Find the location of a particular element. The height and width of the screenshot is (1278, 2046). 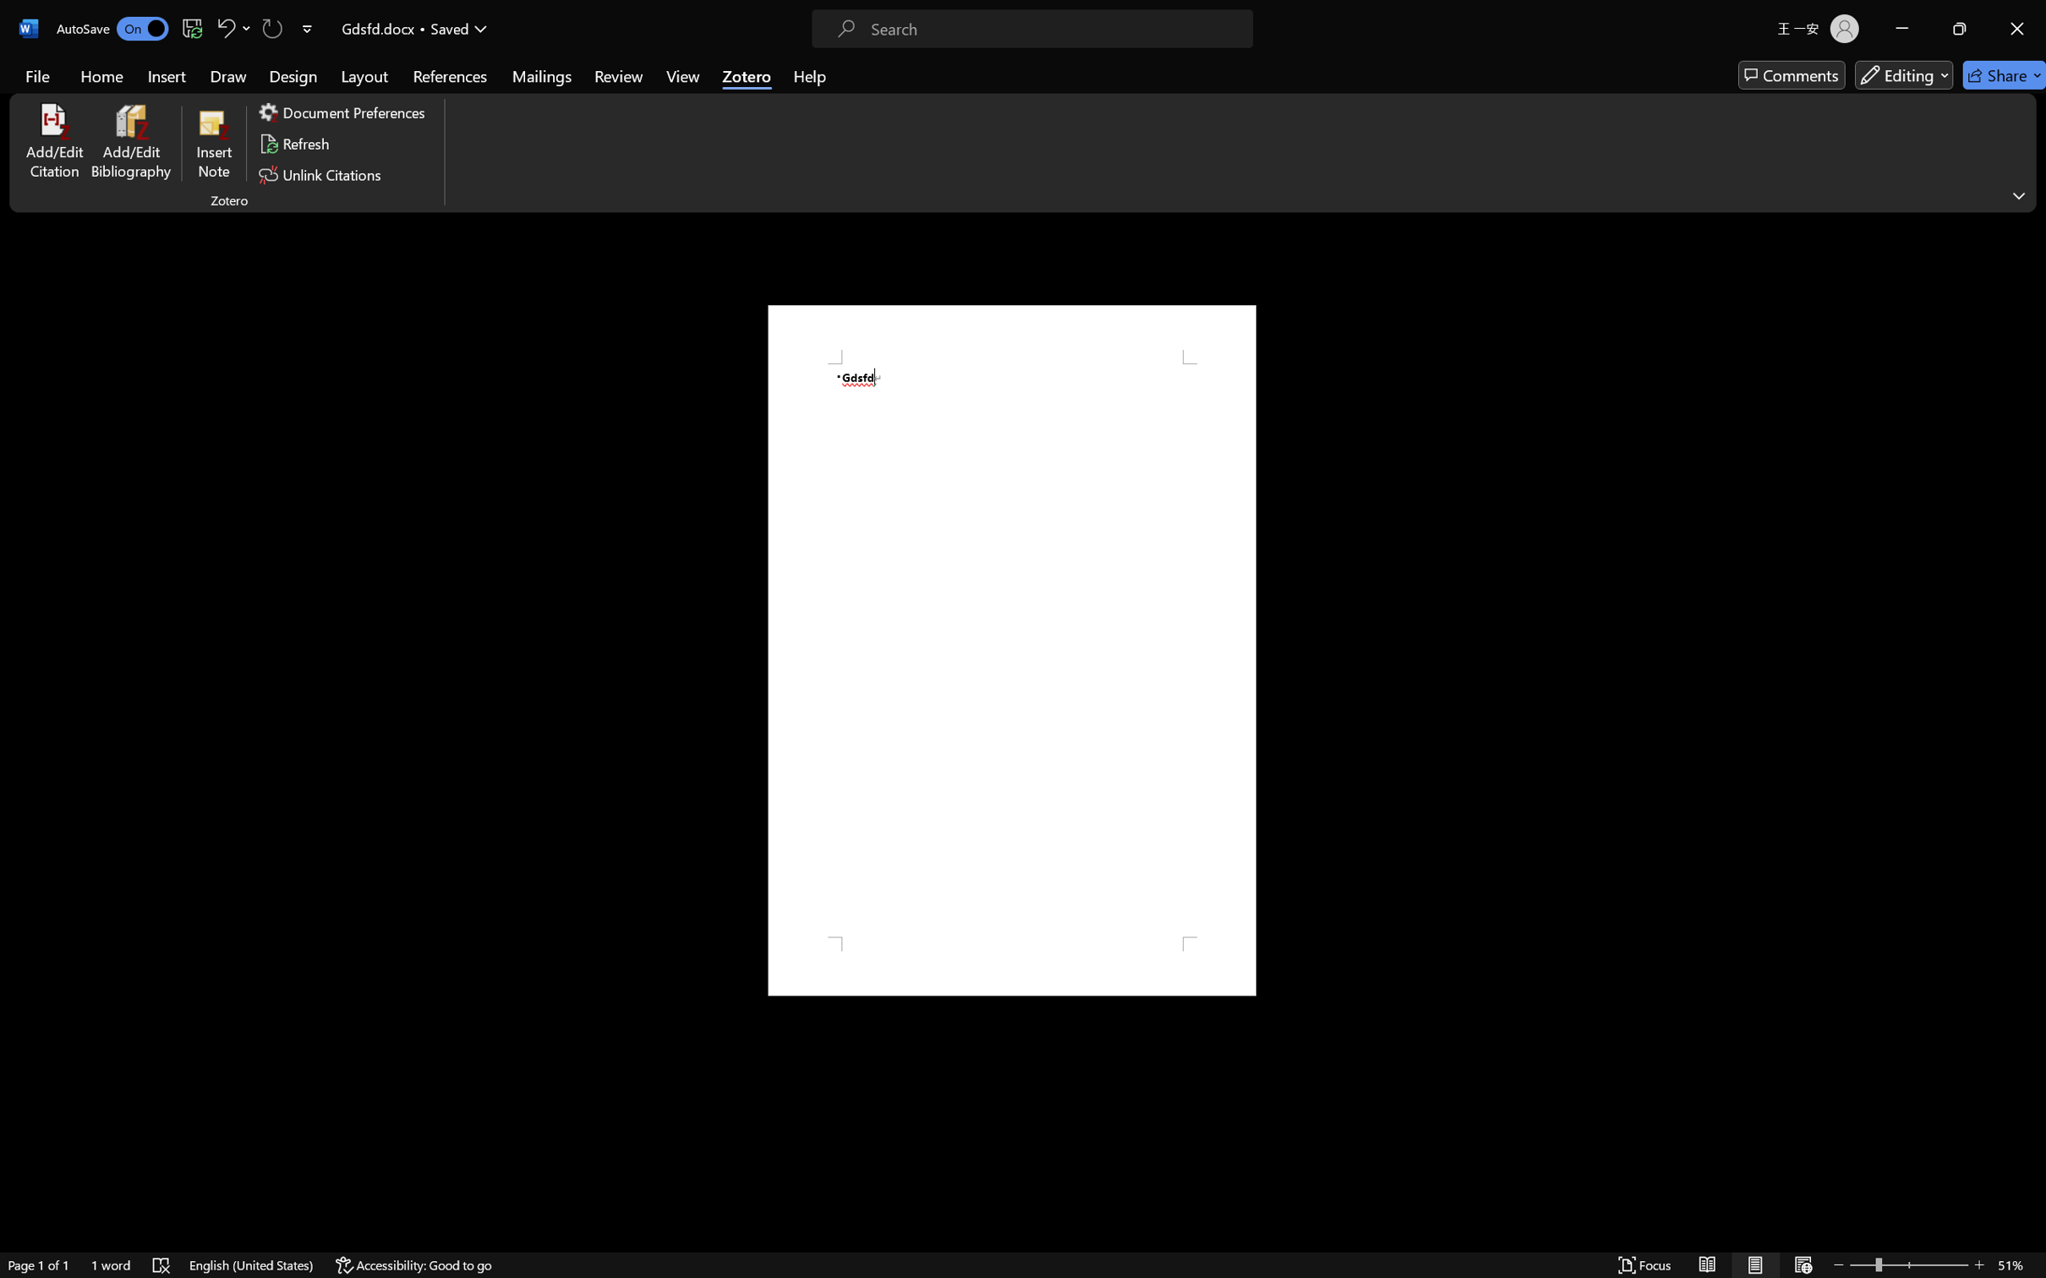

'Page 1 content' is located at coordinates (1011, 650).